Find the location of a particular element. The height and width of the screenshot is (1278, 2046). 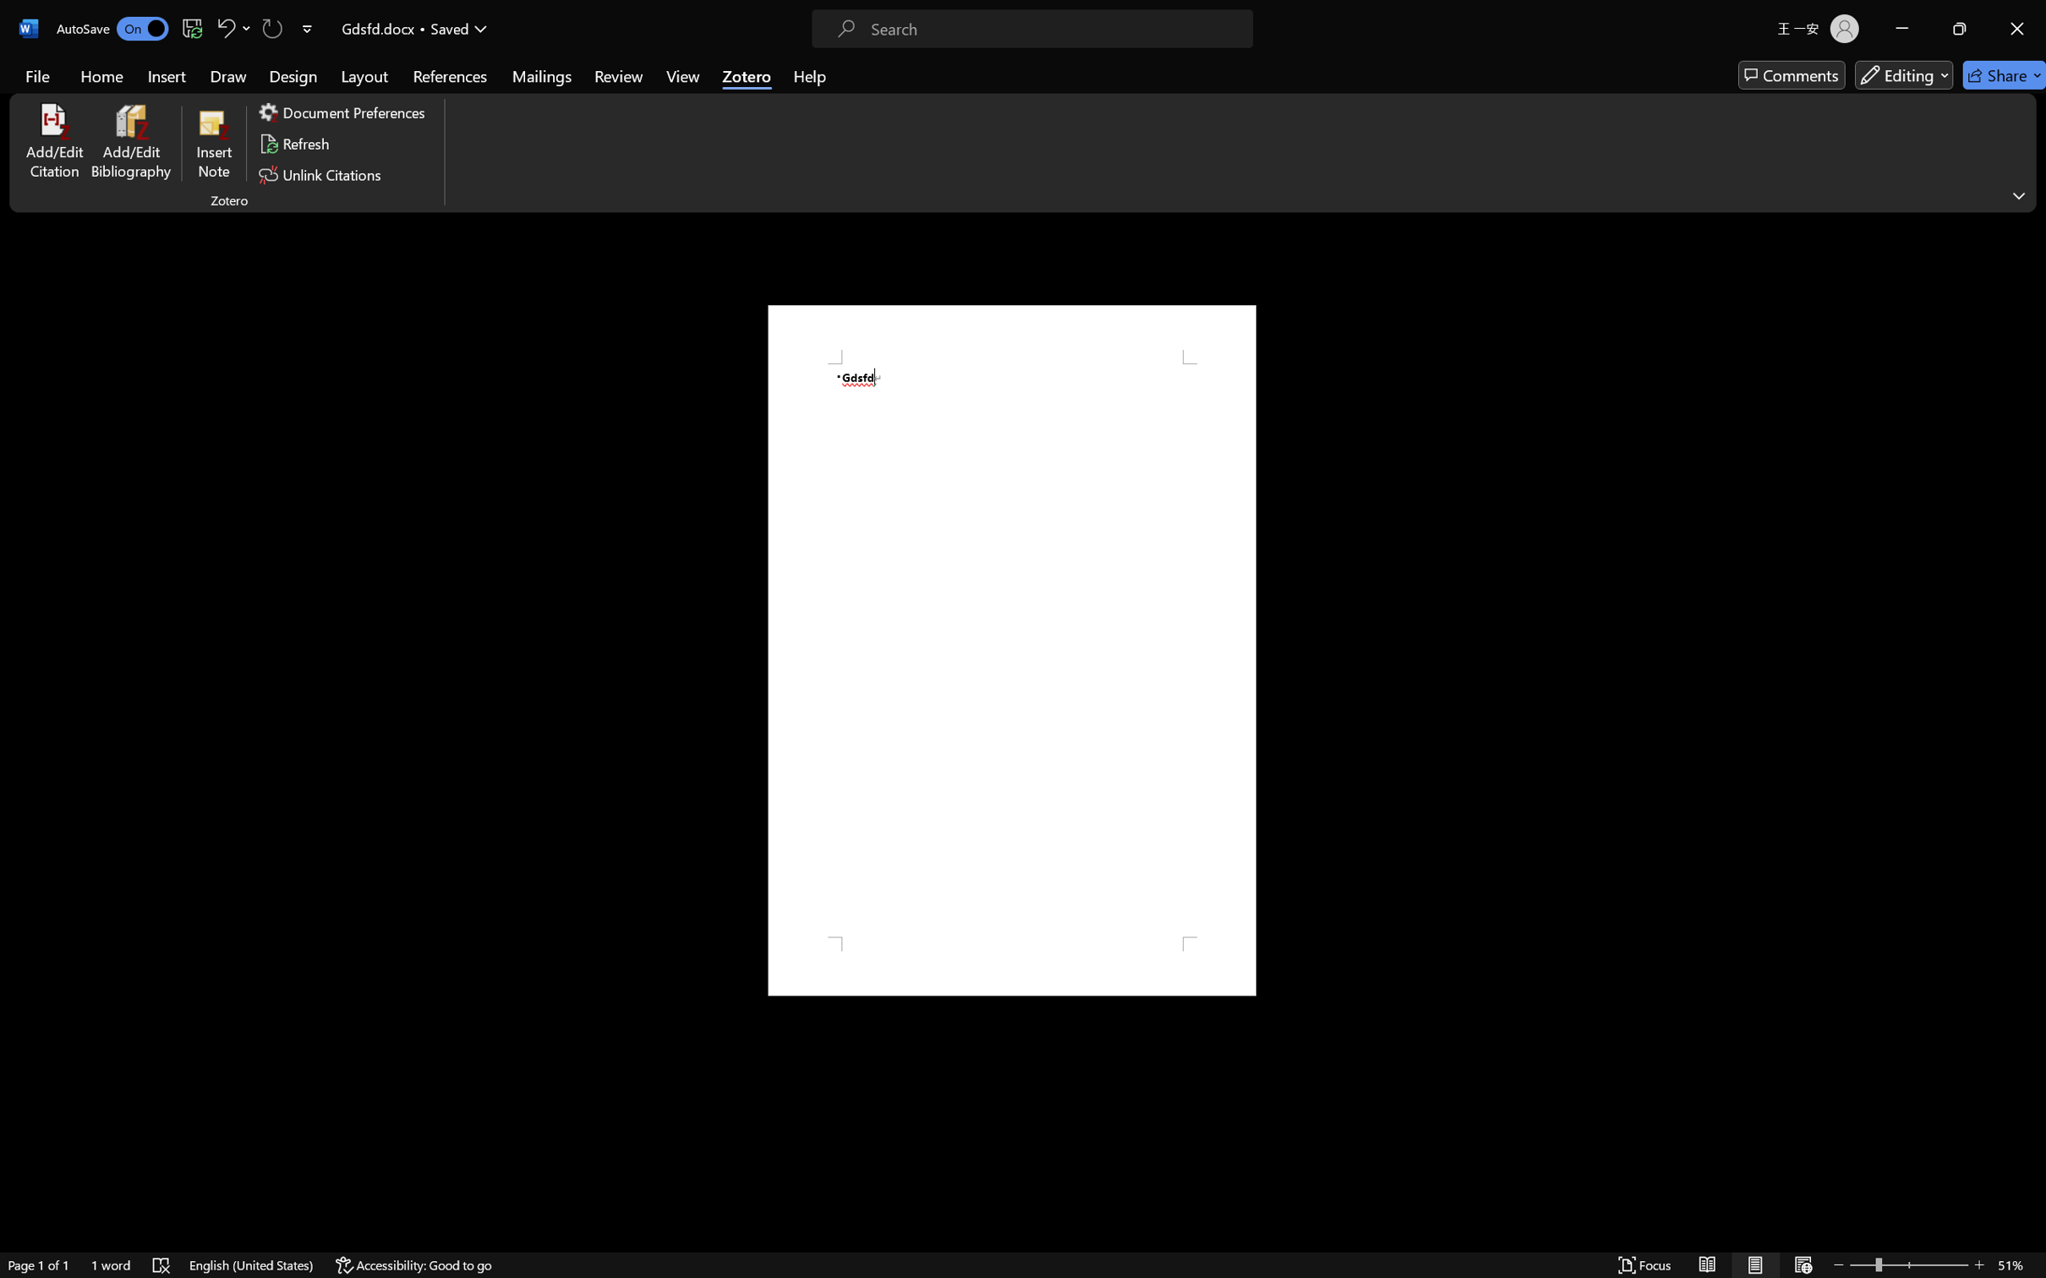

'Page 1 content' is located at coordinates (1011, 650).